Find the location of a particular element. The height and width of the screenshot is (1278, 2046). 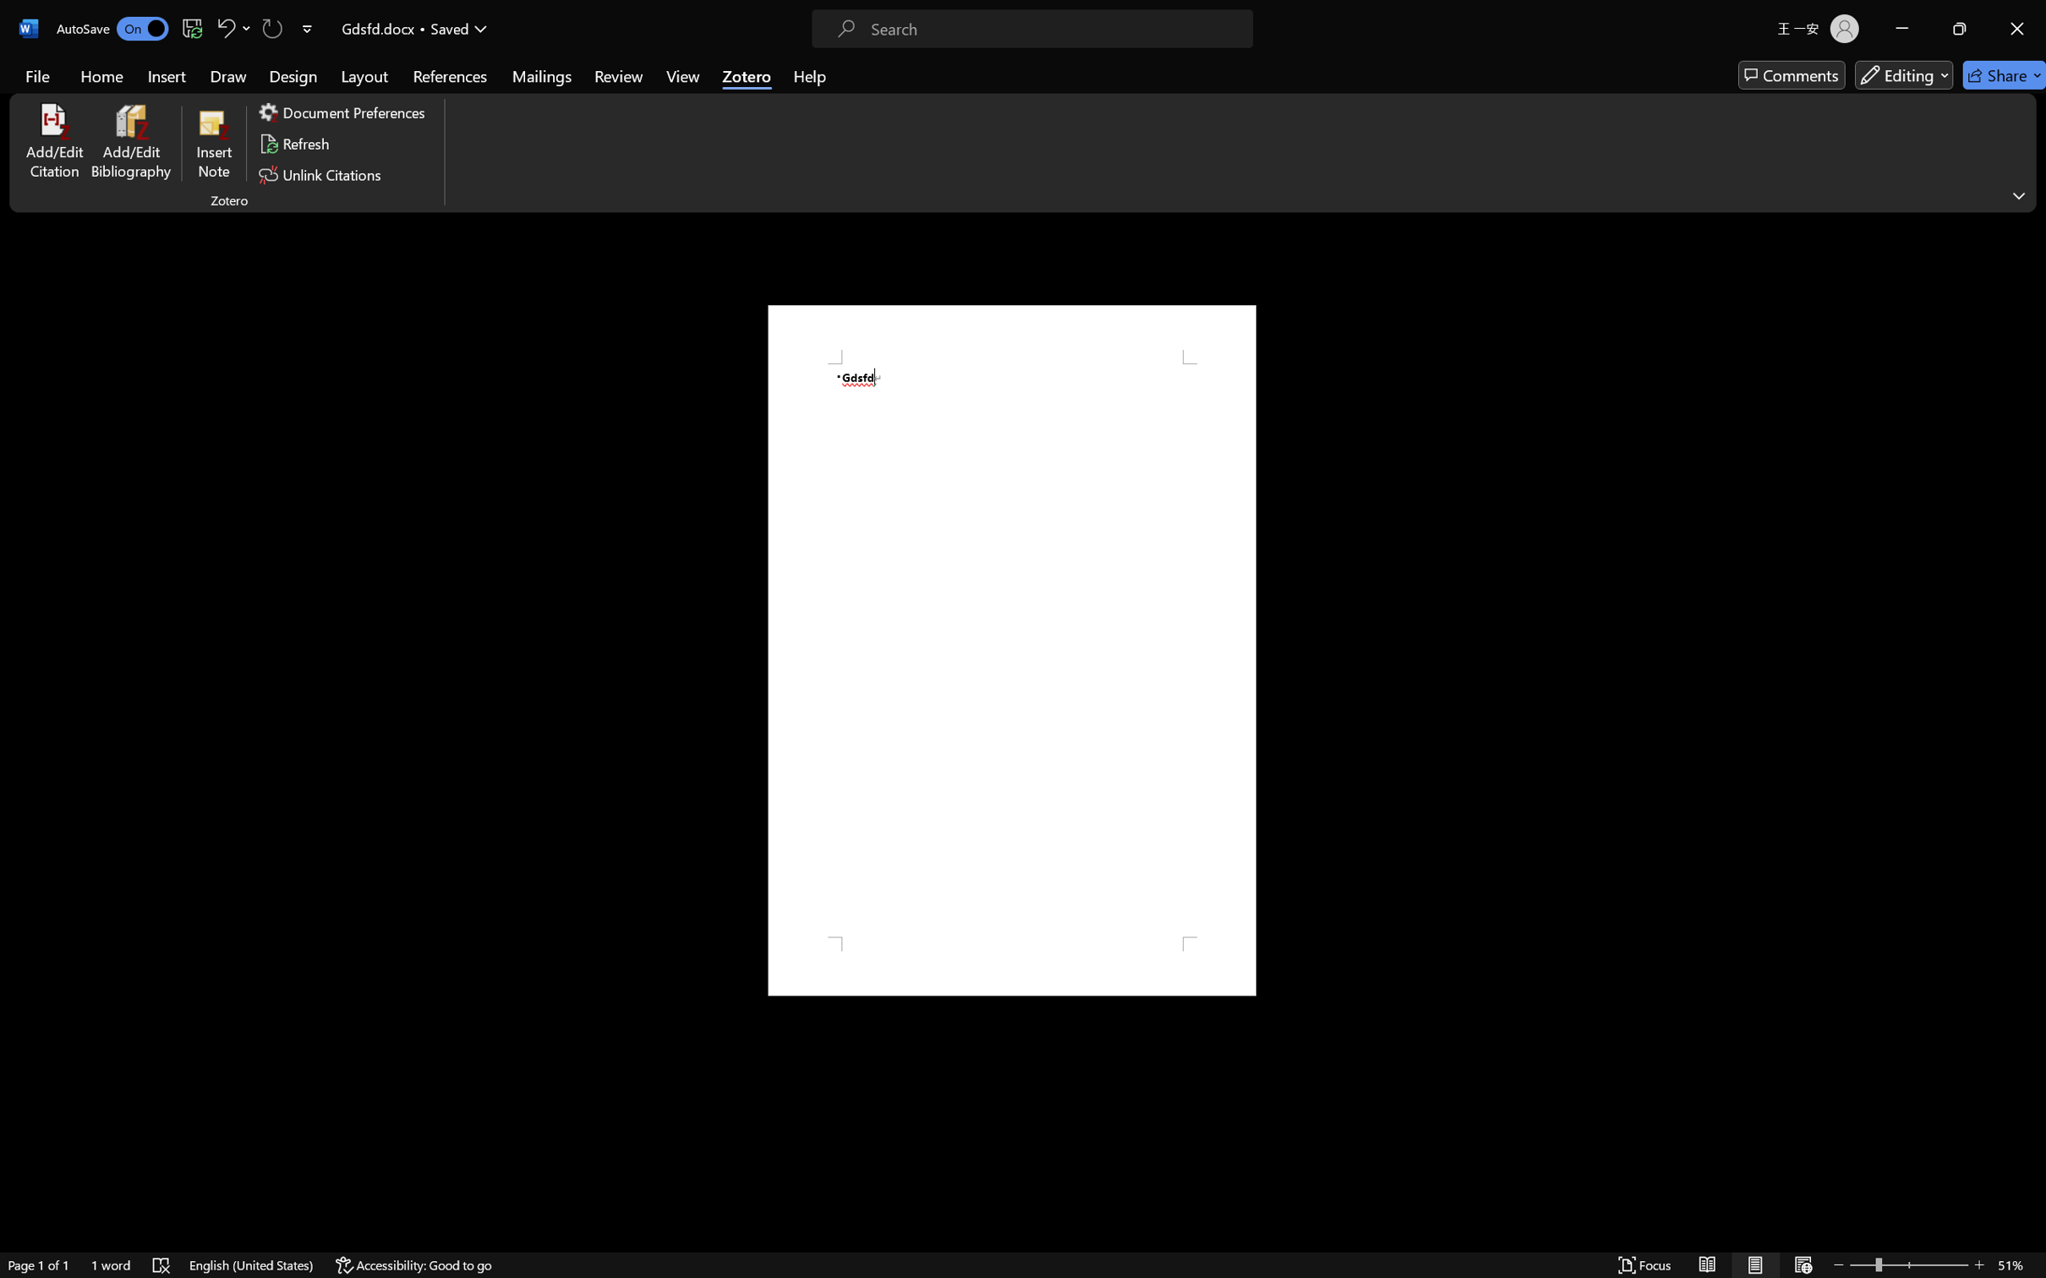

'Page 1 content' is located at coordinates (1011, 650).